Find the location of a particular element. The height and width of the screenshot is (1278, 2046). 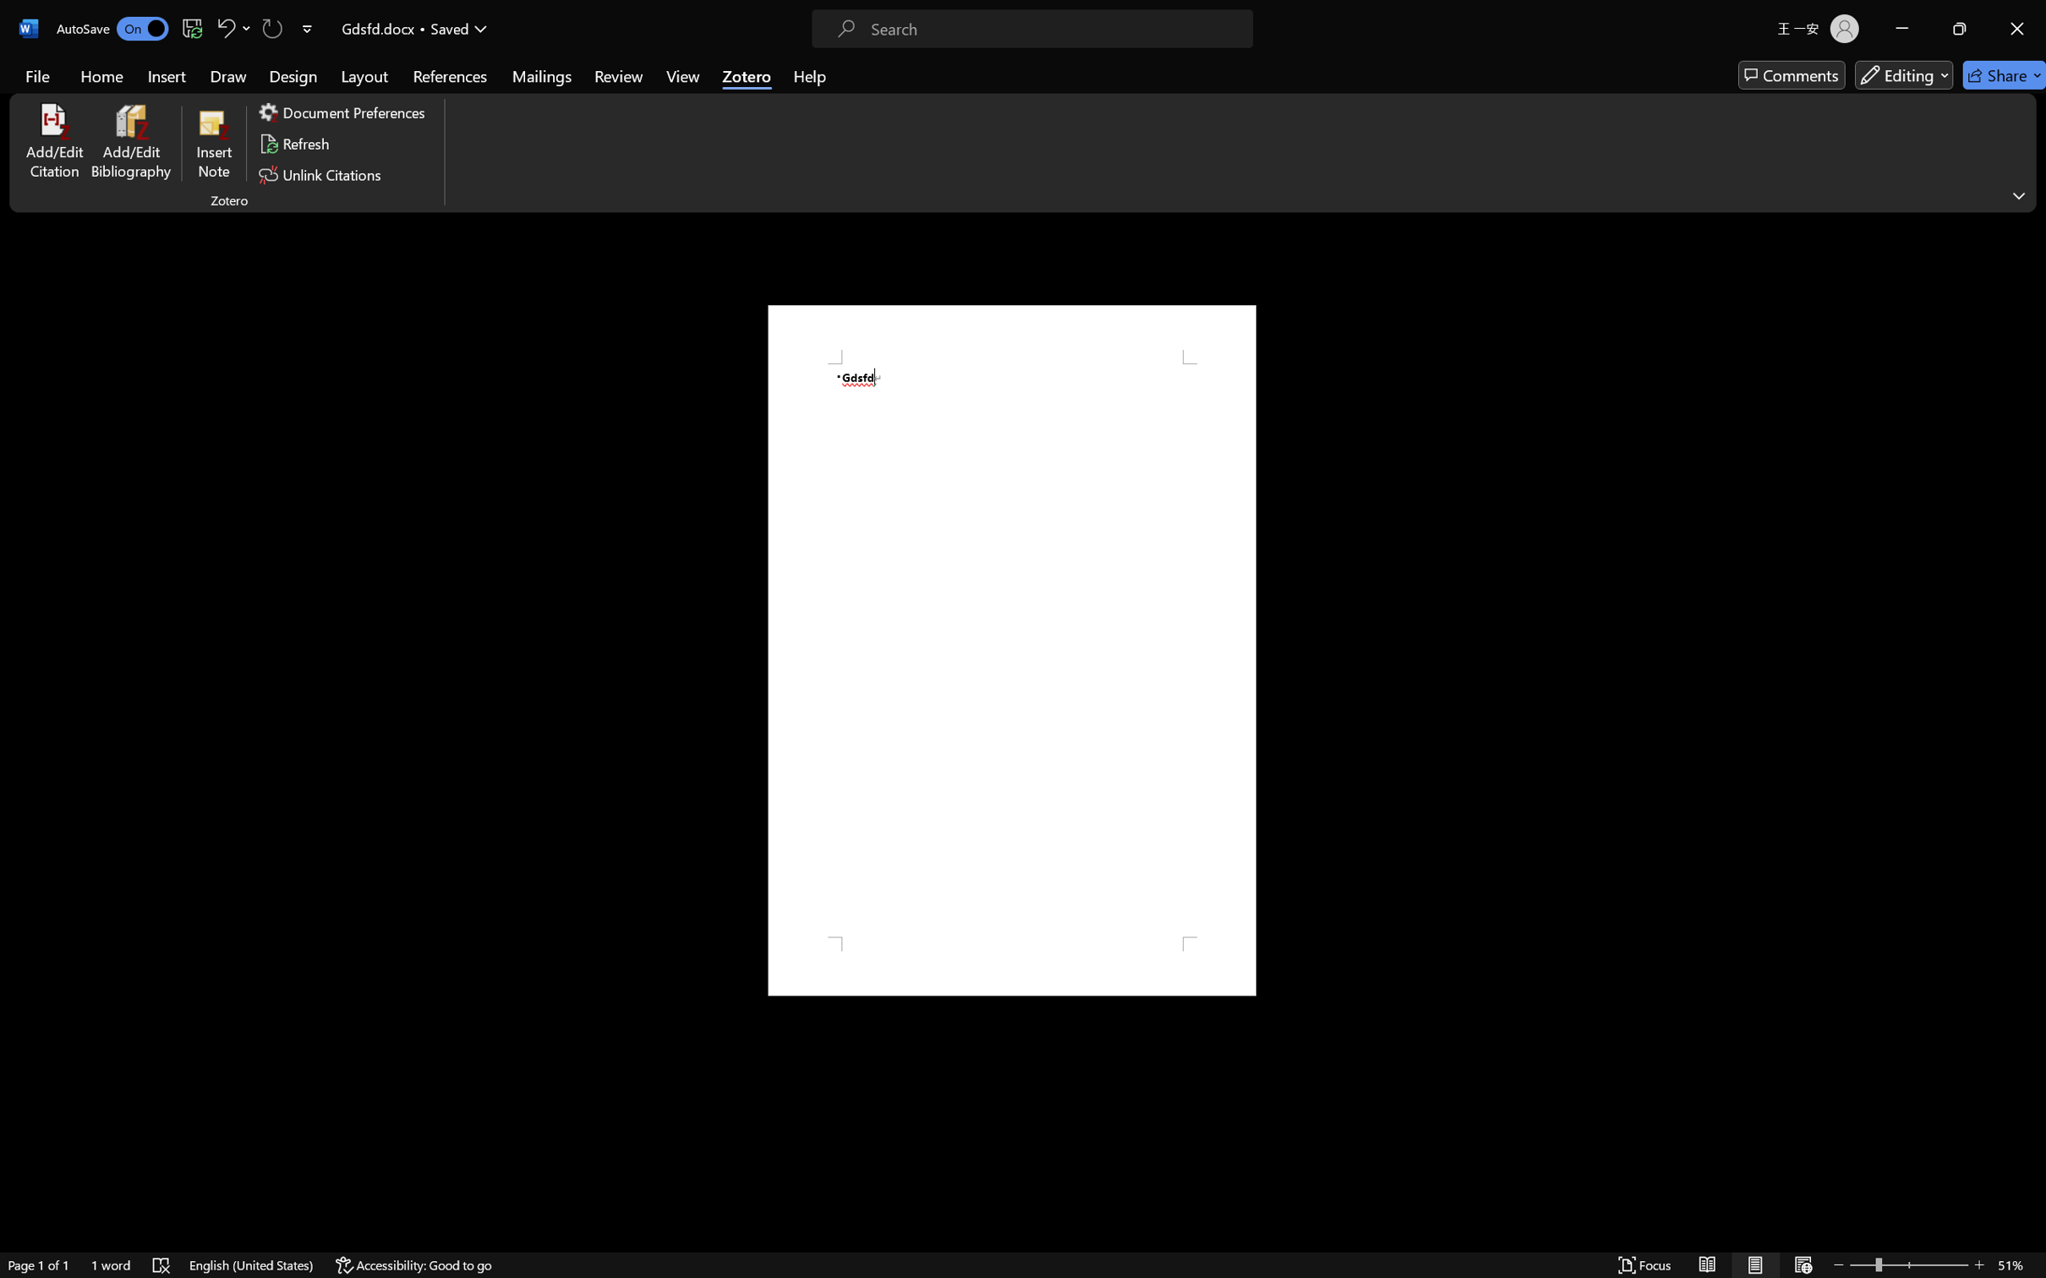

'Page 1 content' is located at coordinates (1011, 650).